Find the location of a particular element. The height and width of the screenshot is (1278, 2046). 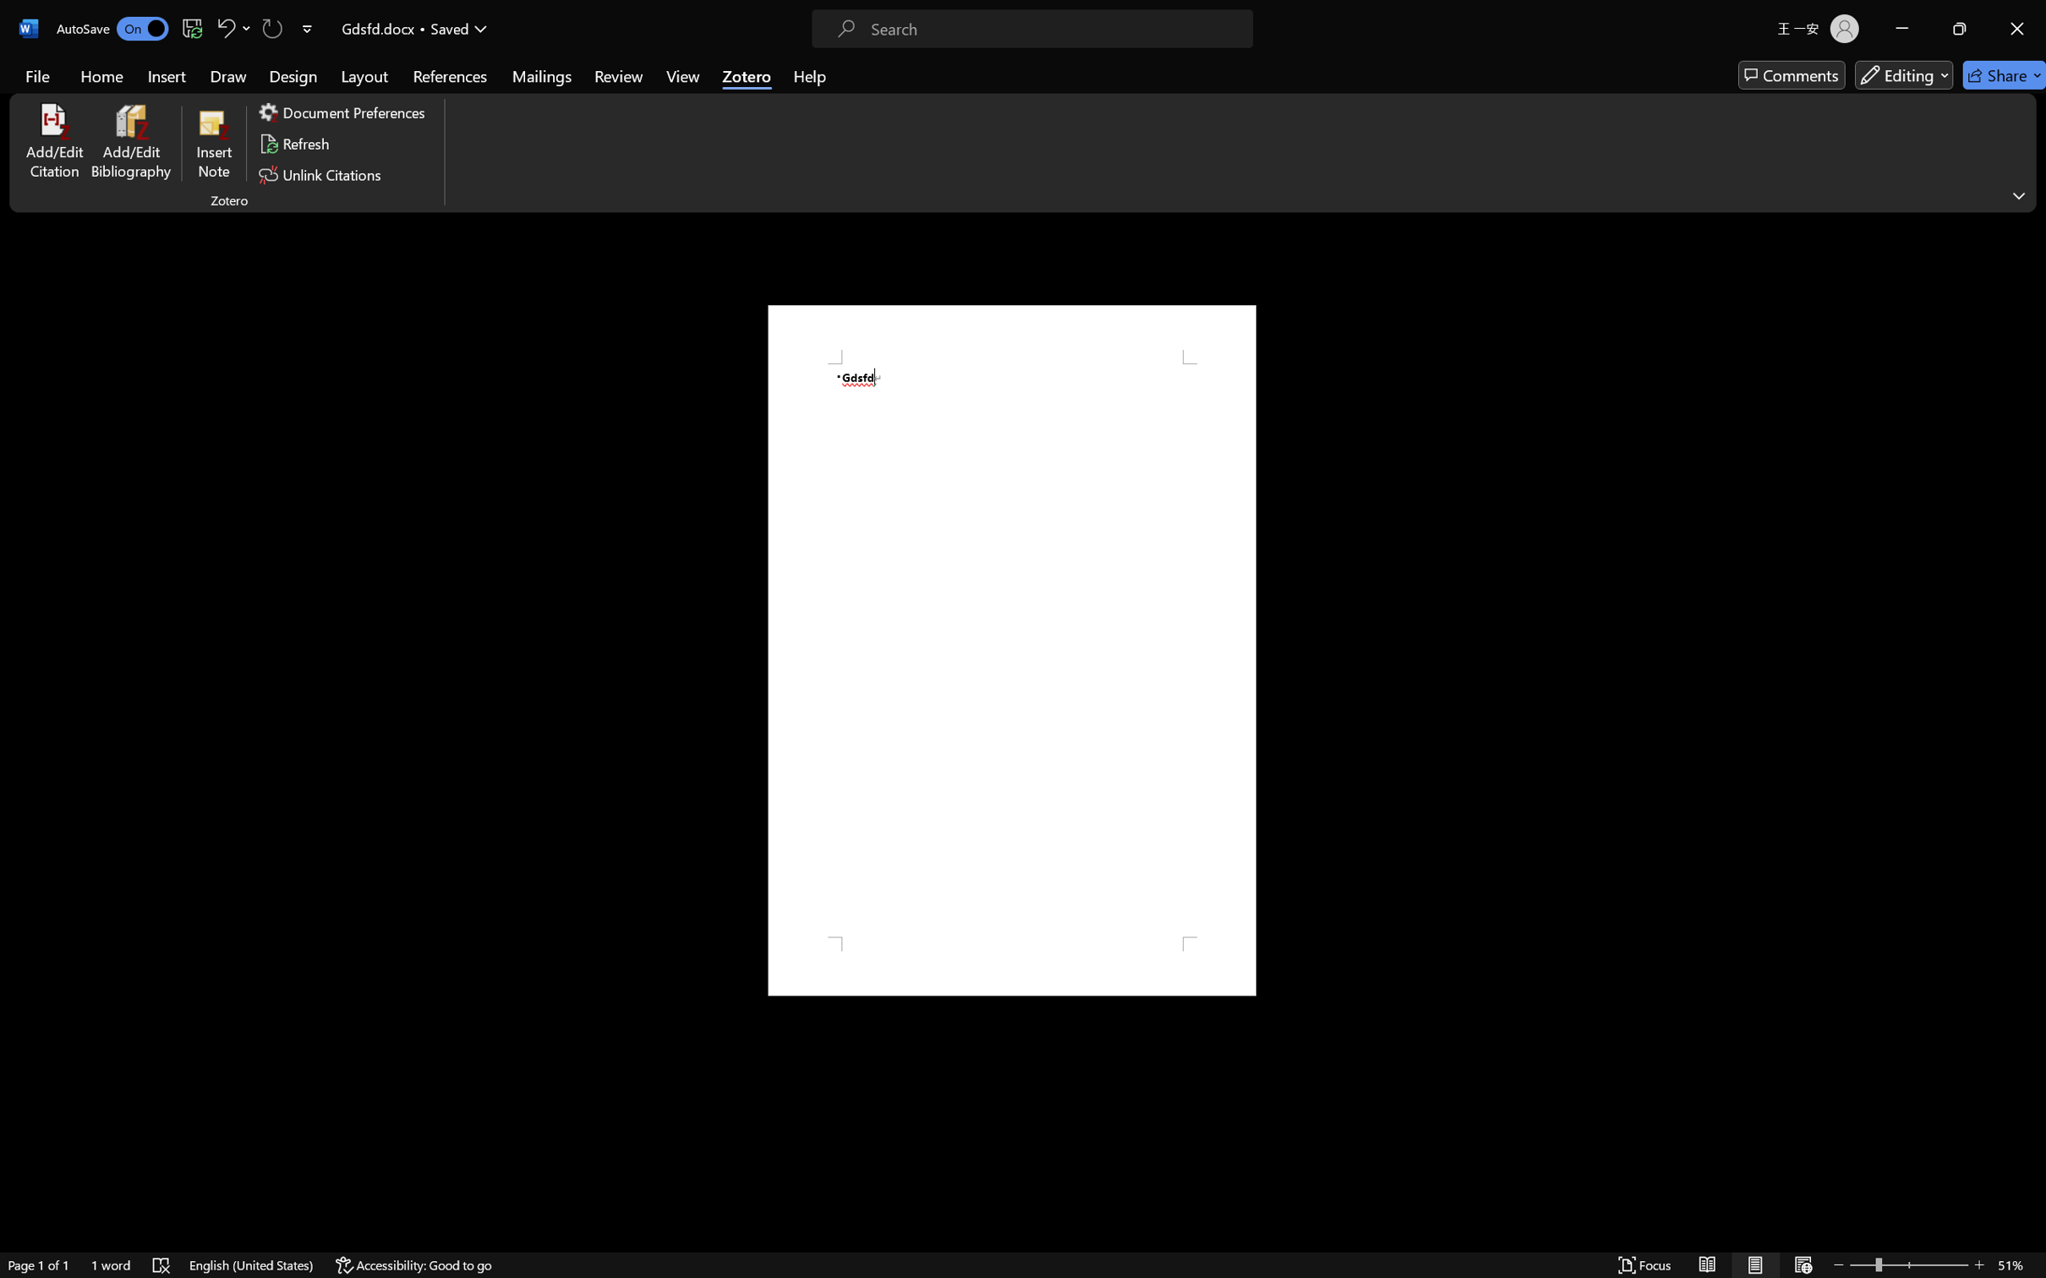

'Page 1 content' is located at coordinates (1011, 650).